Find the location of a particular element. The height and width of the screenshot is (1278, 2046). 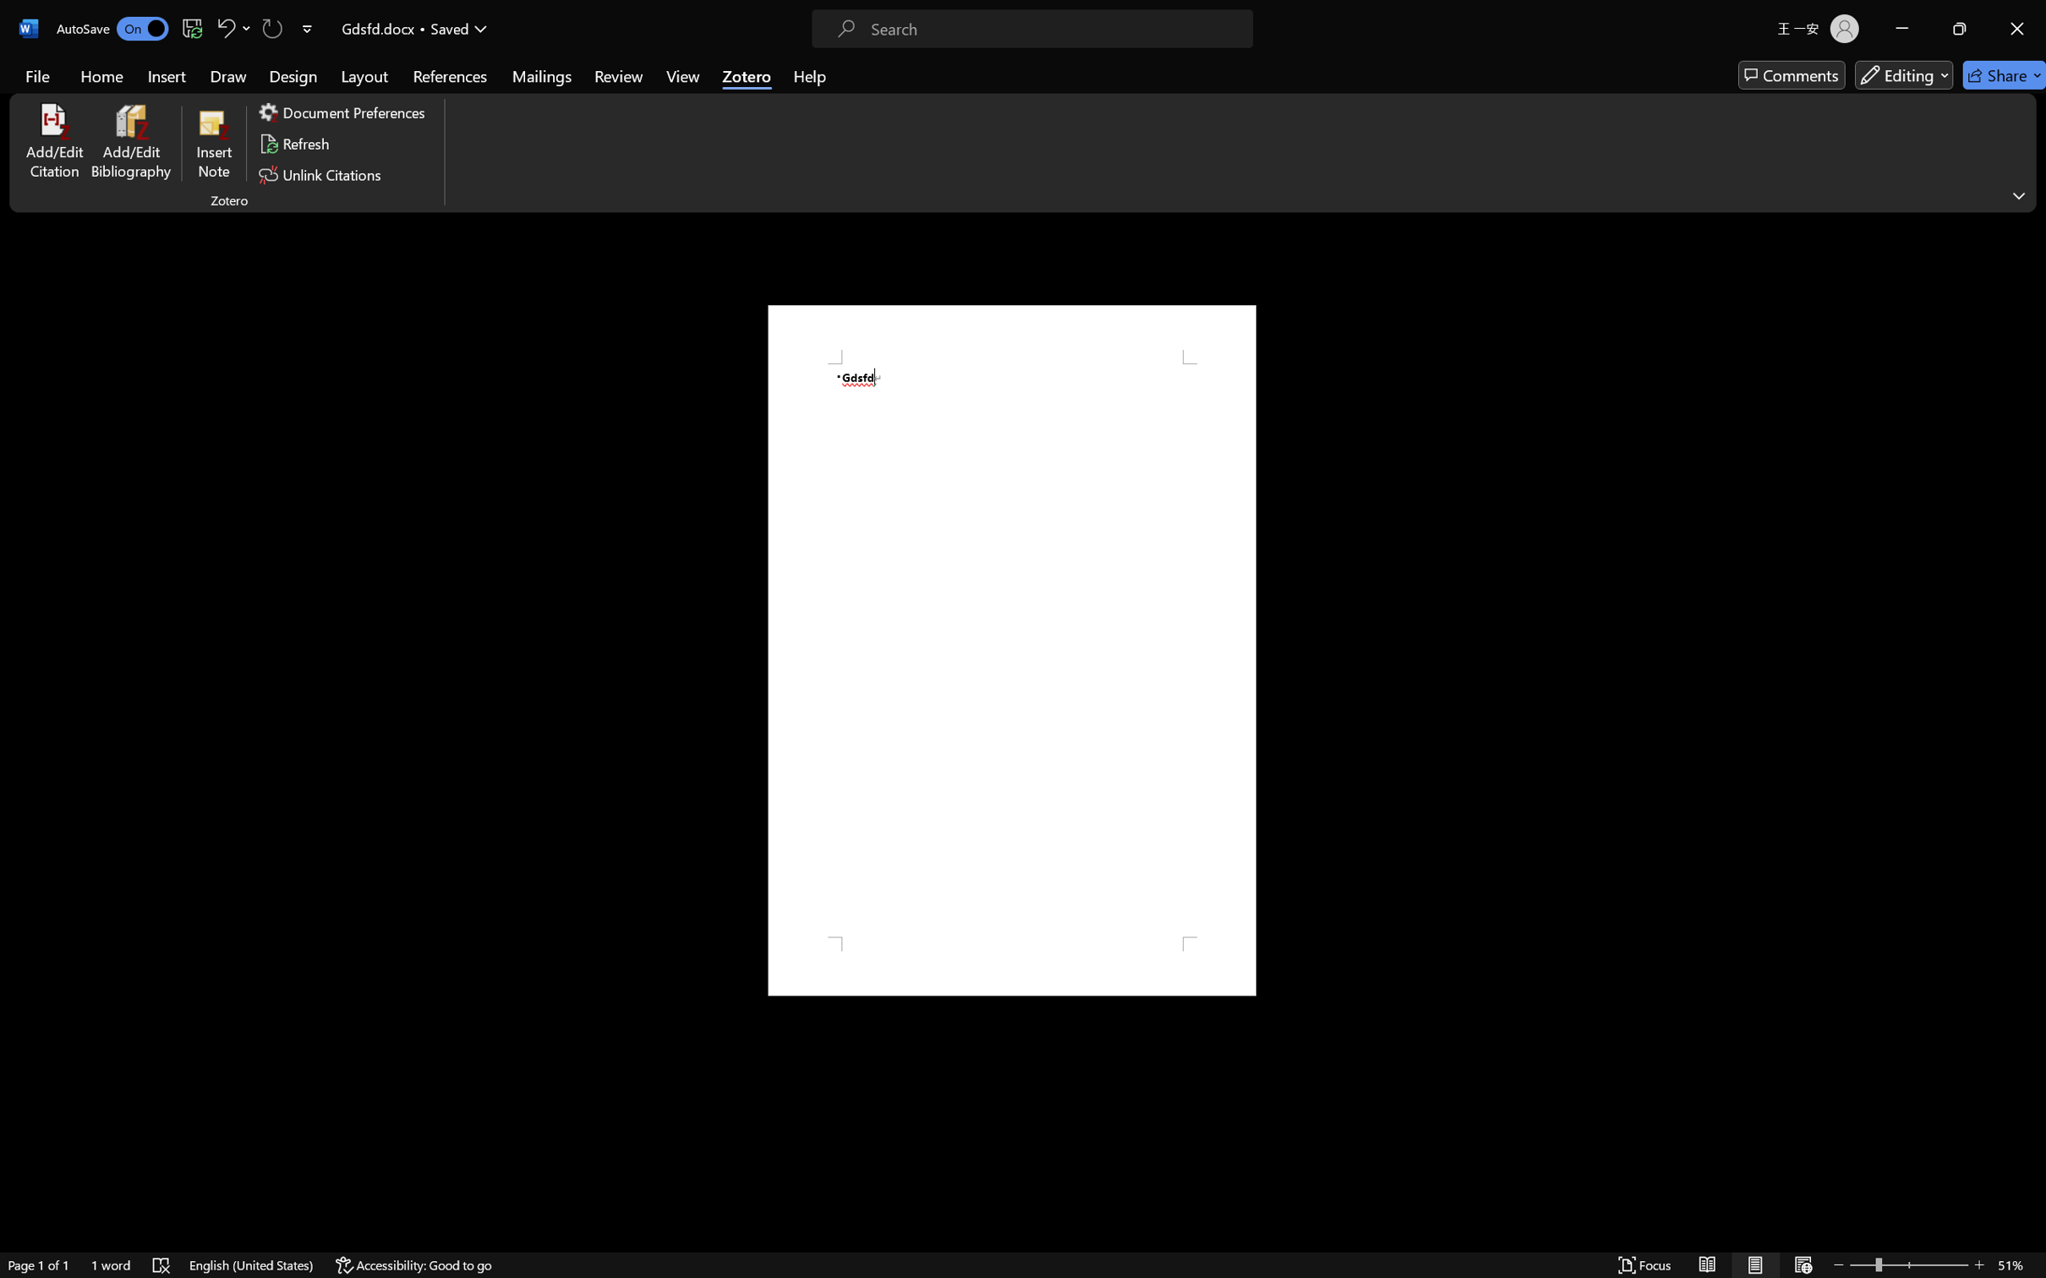

'Page 1 content' is located at coordinates (1011, 650).